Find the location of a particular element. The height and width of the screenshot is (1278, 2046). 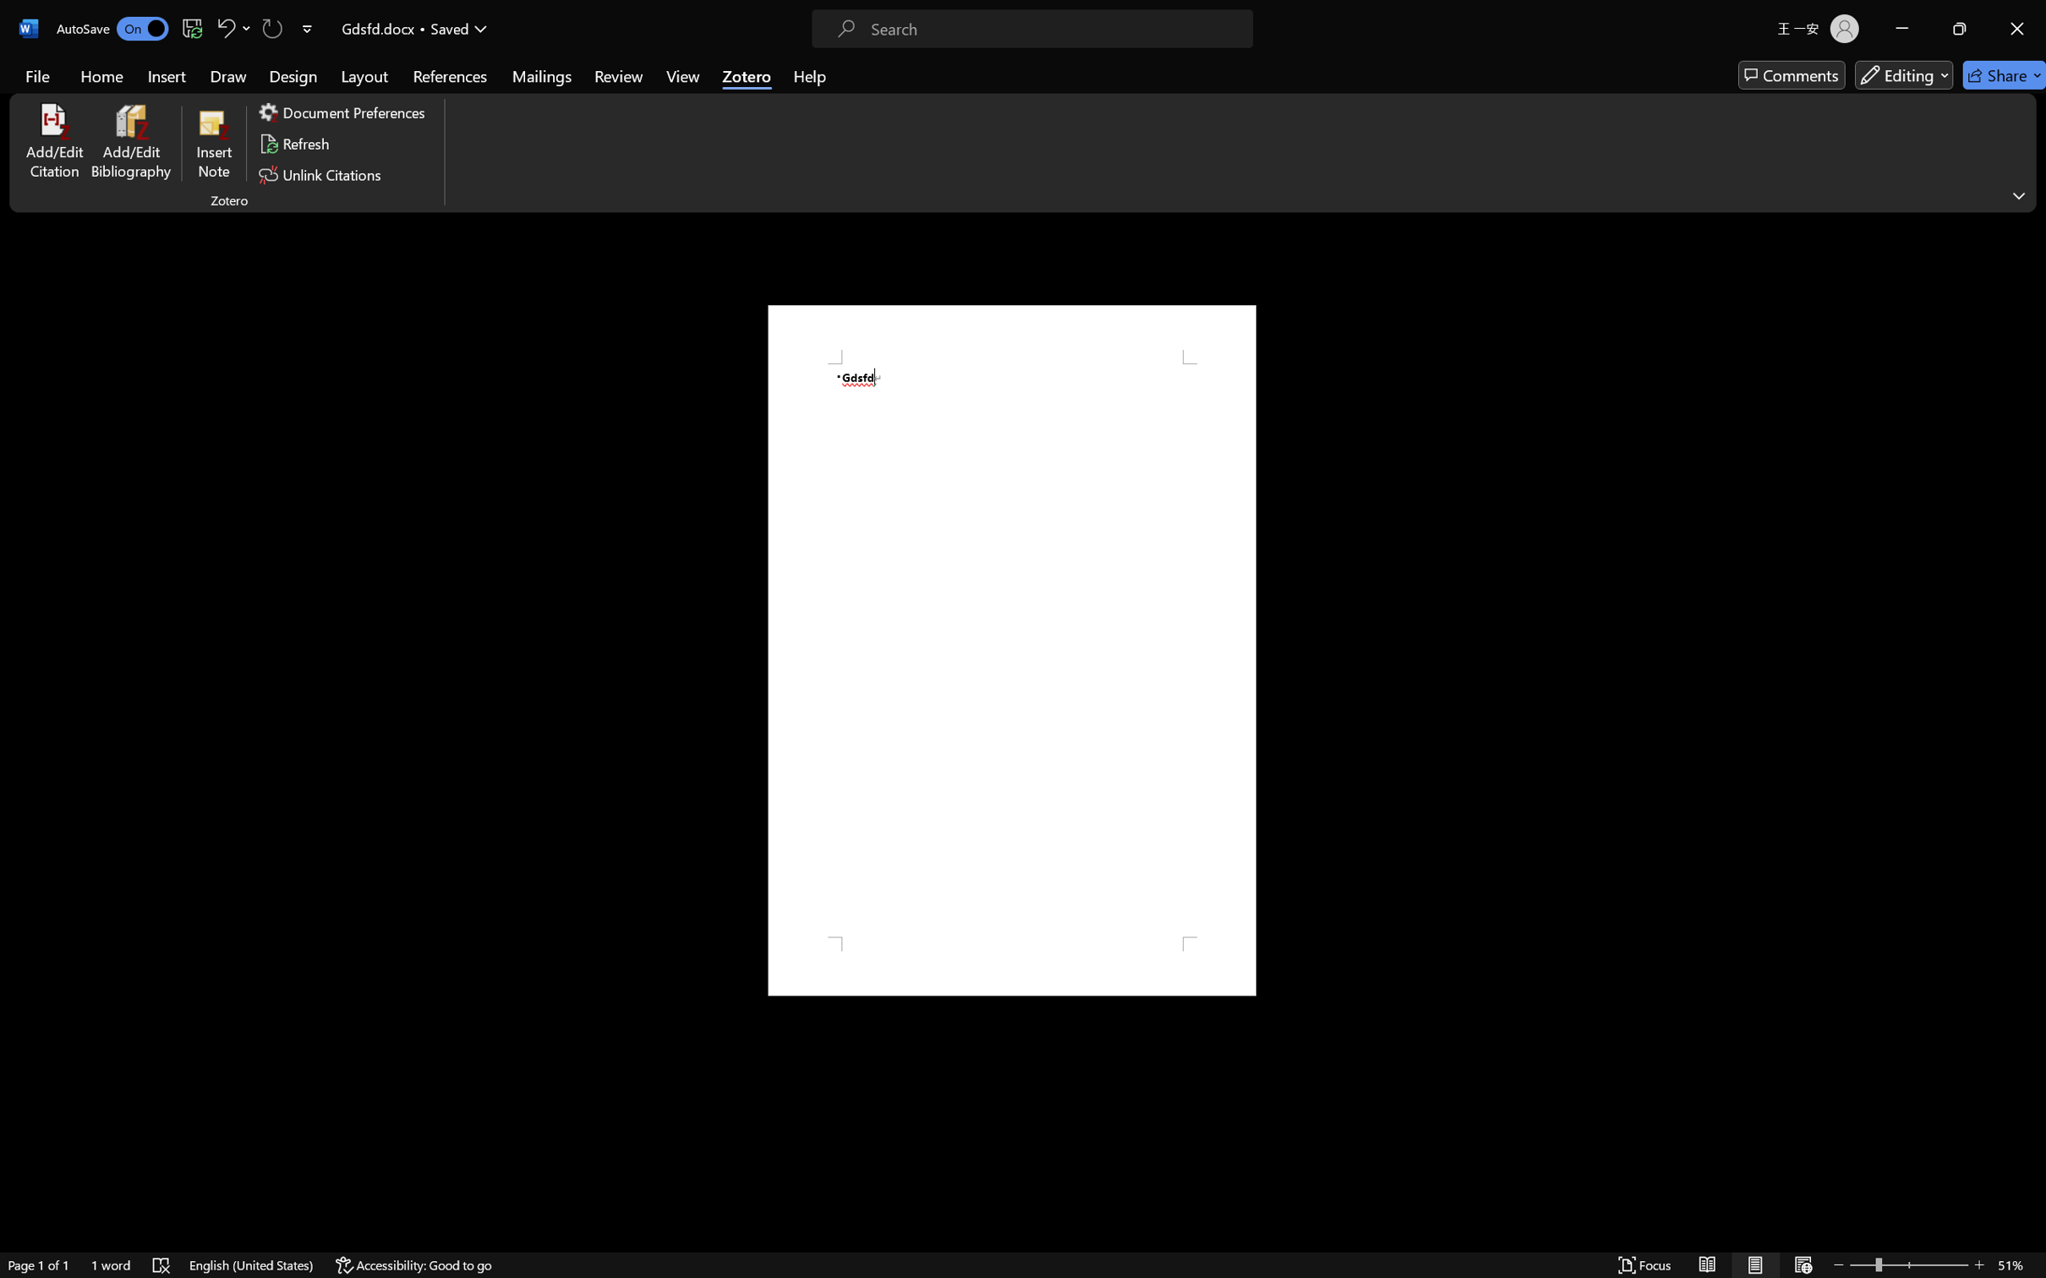

'Page 1 content' is located at coordinates (1011, 650).